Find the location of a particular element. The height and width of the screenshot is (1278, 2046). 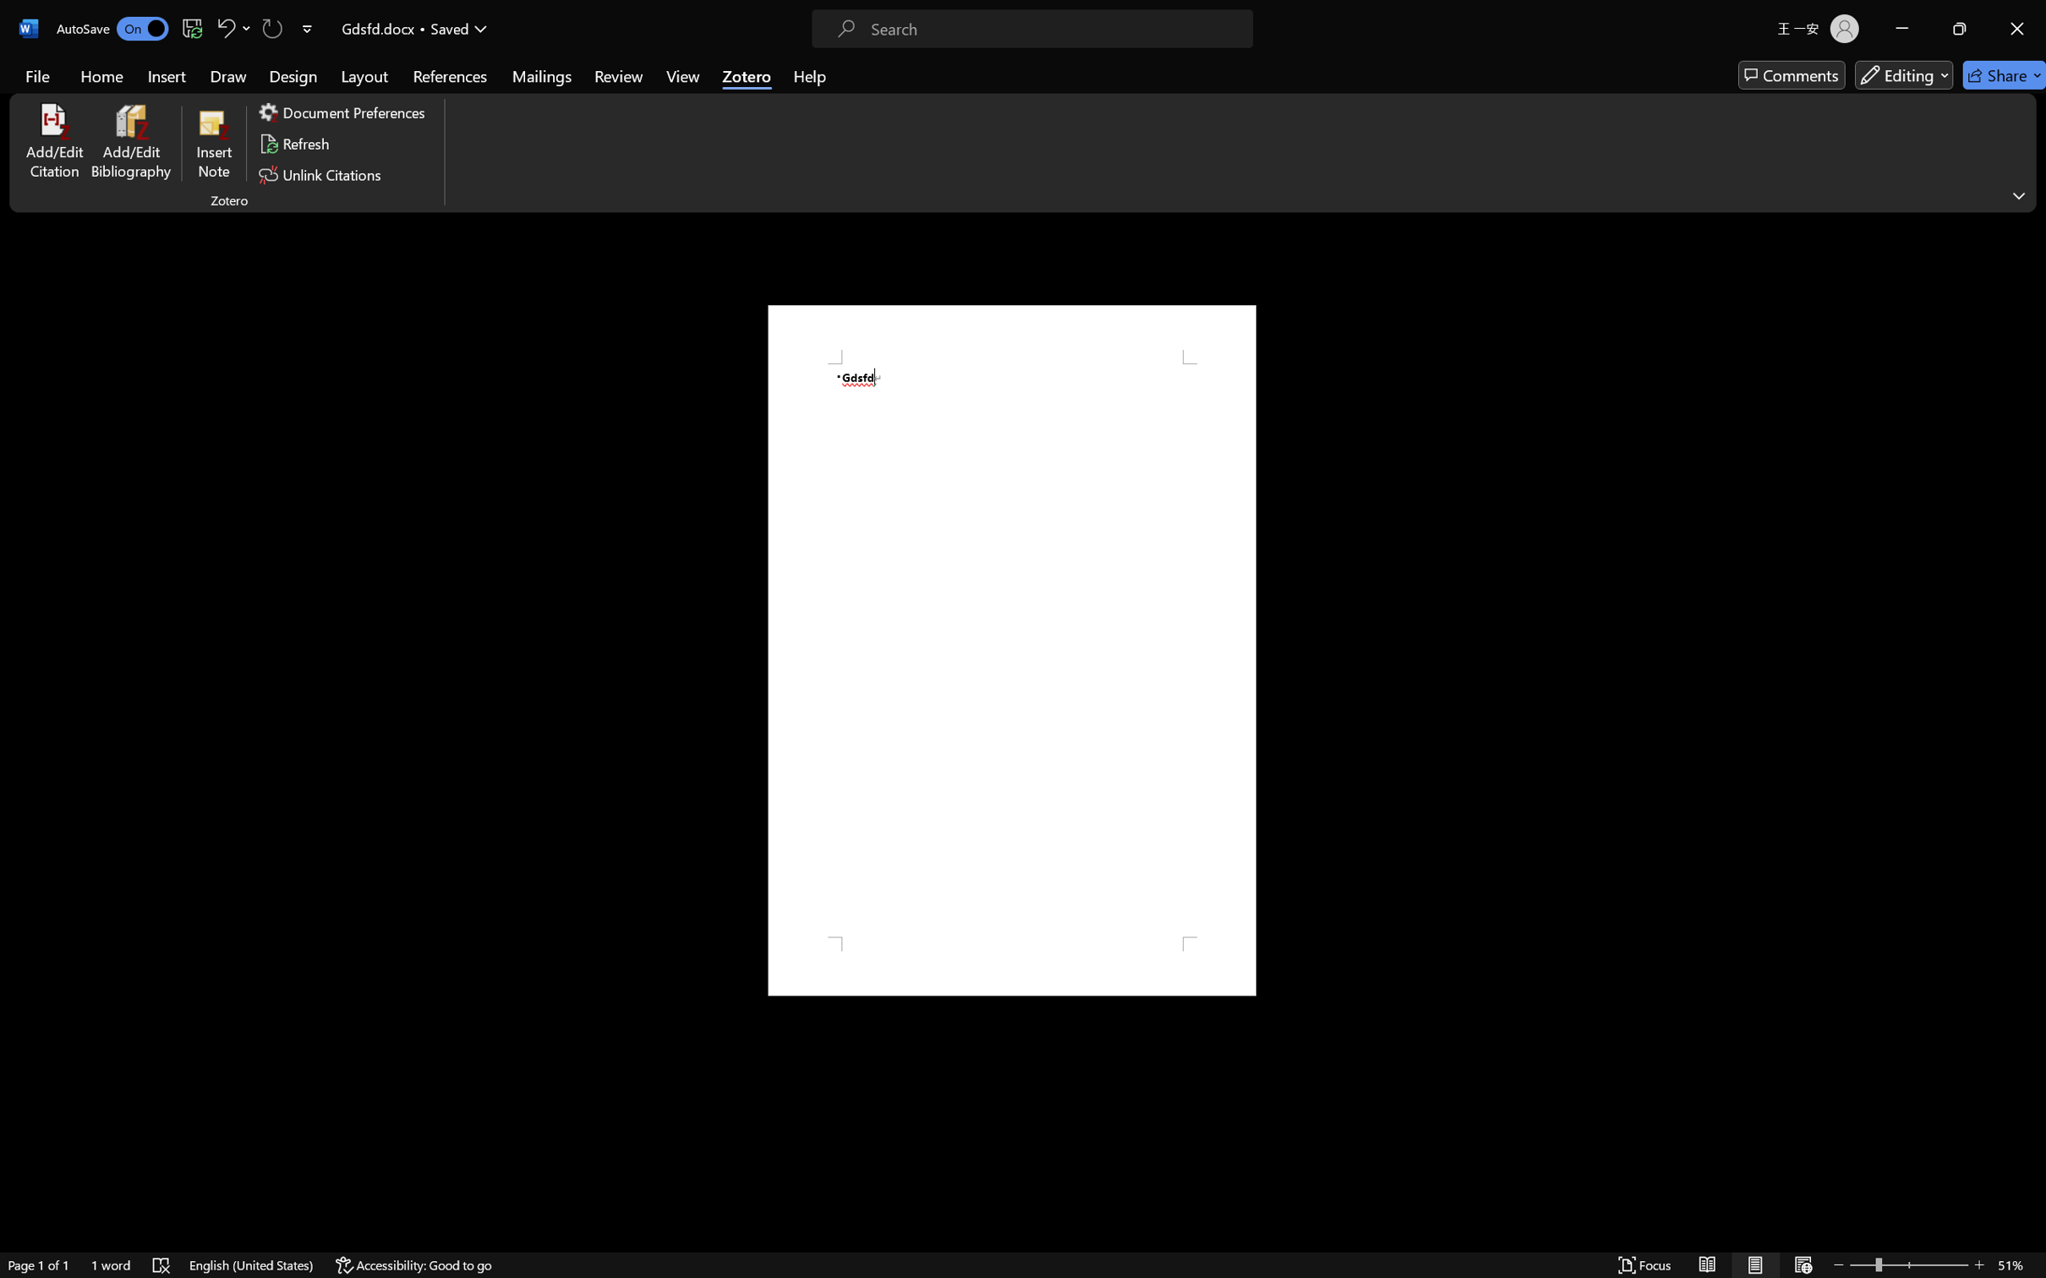

'Page 1 content' is located at coordinates (1011, 650).